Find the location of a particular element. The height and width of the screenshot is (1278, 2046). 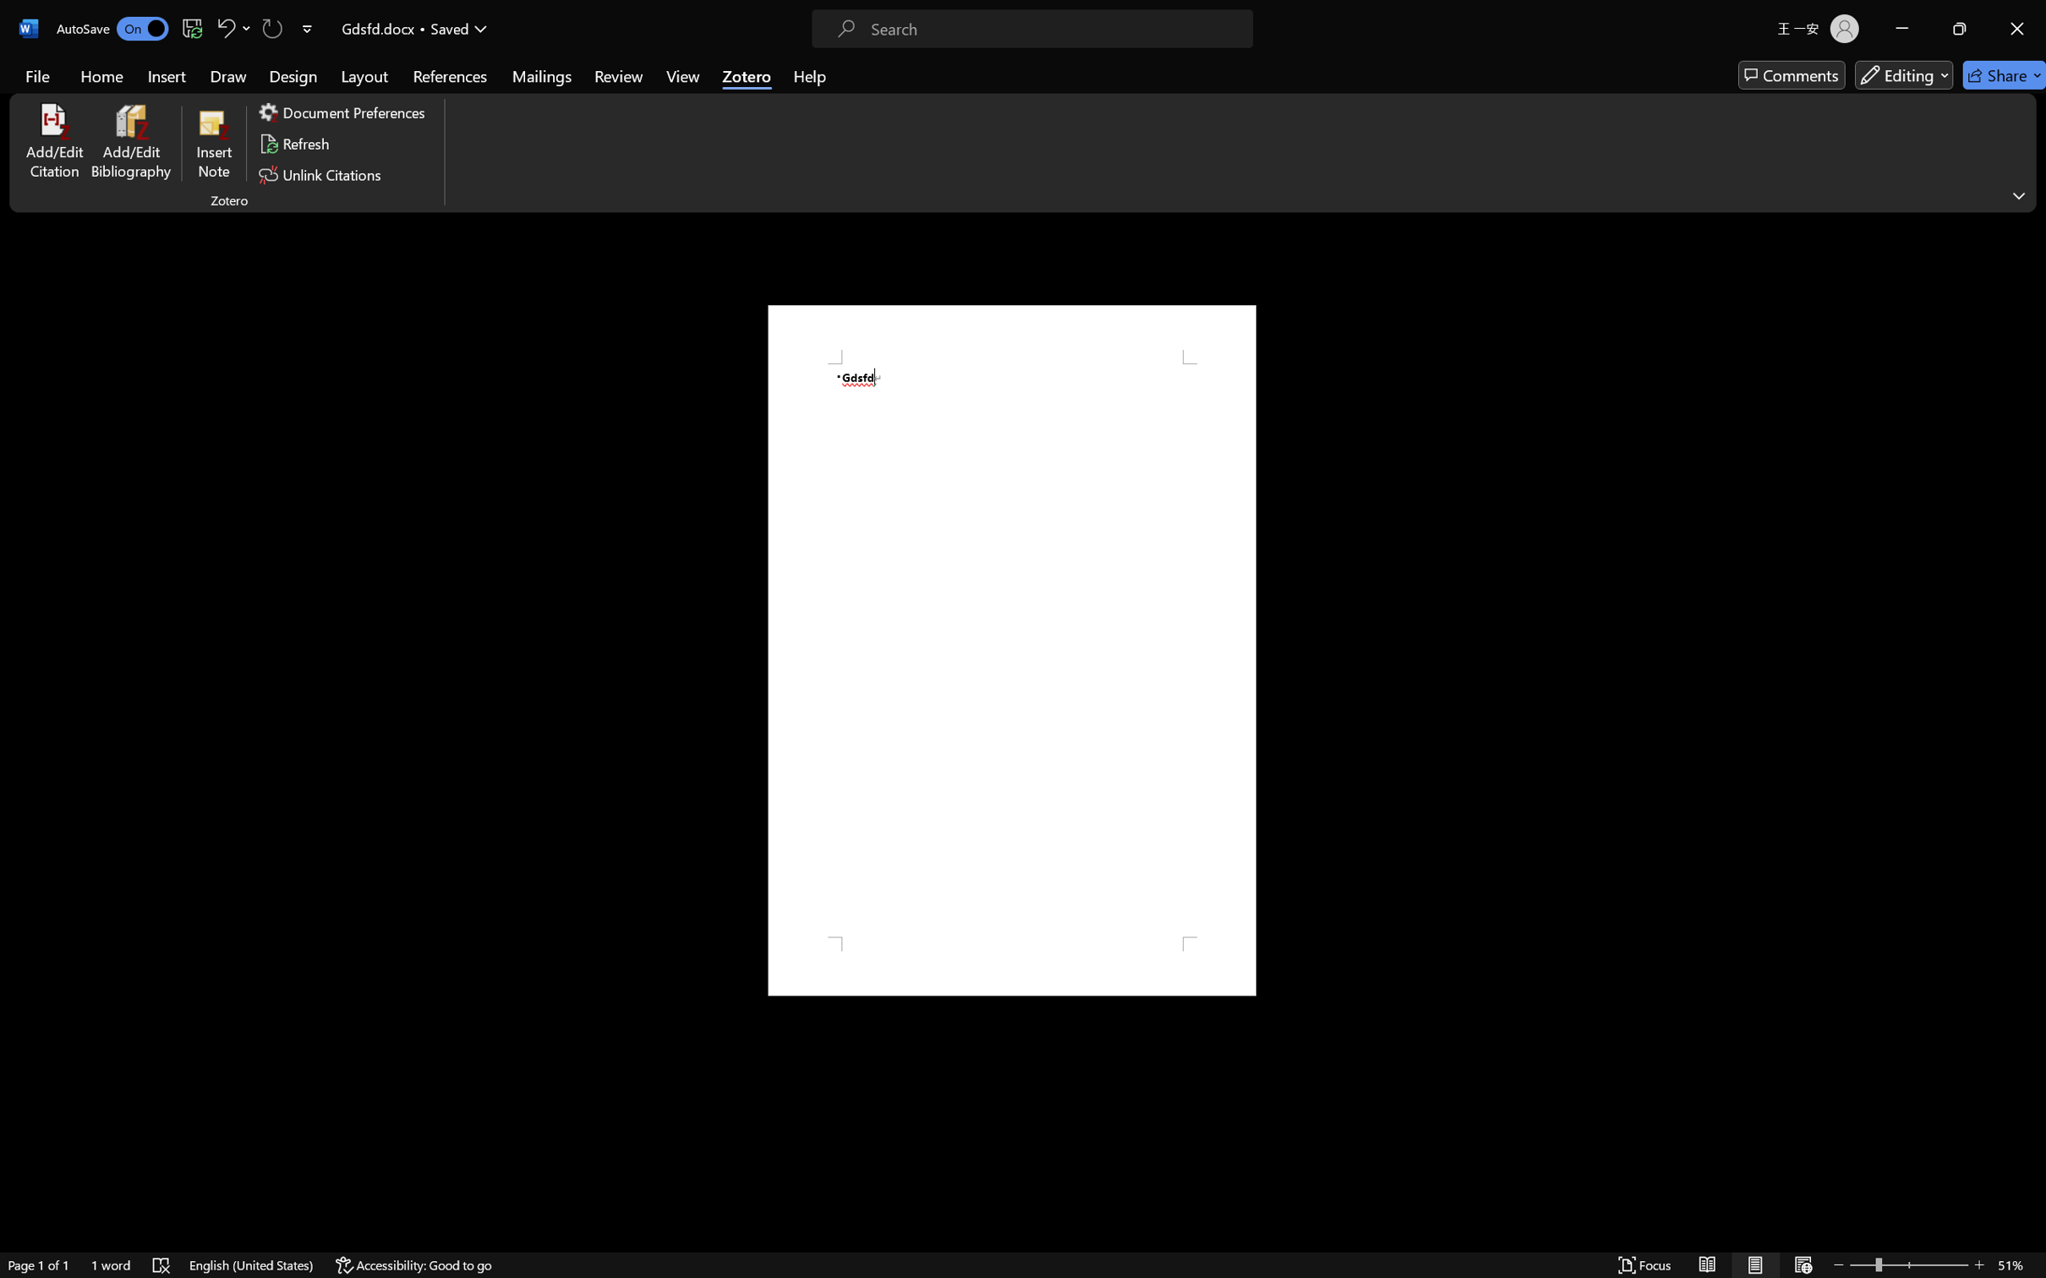

'Page 1 content' is located at coordinates (1011, 650).